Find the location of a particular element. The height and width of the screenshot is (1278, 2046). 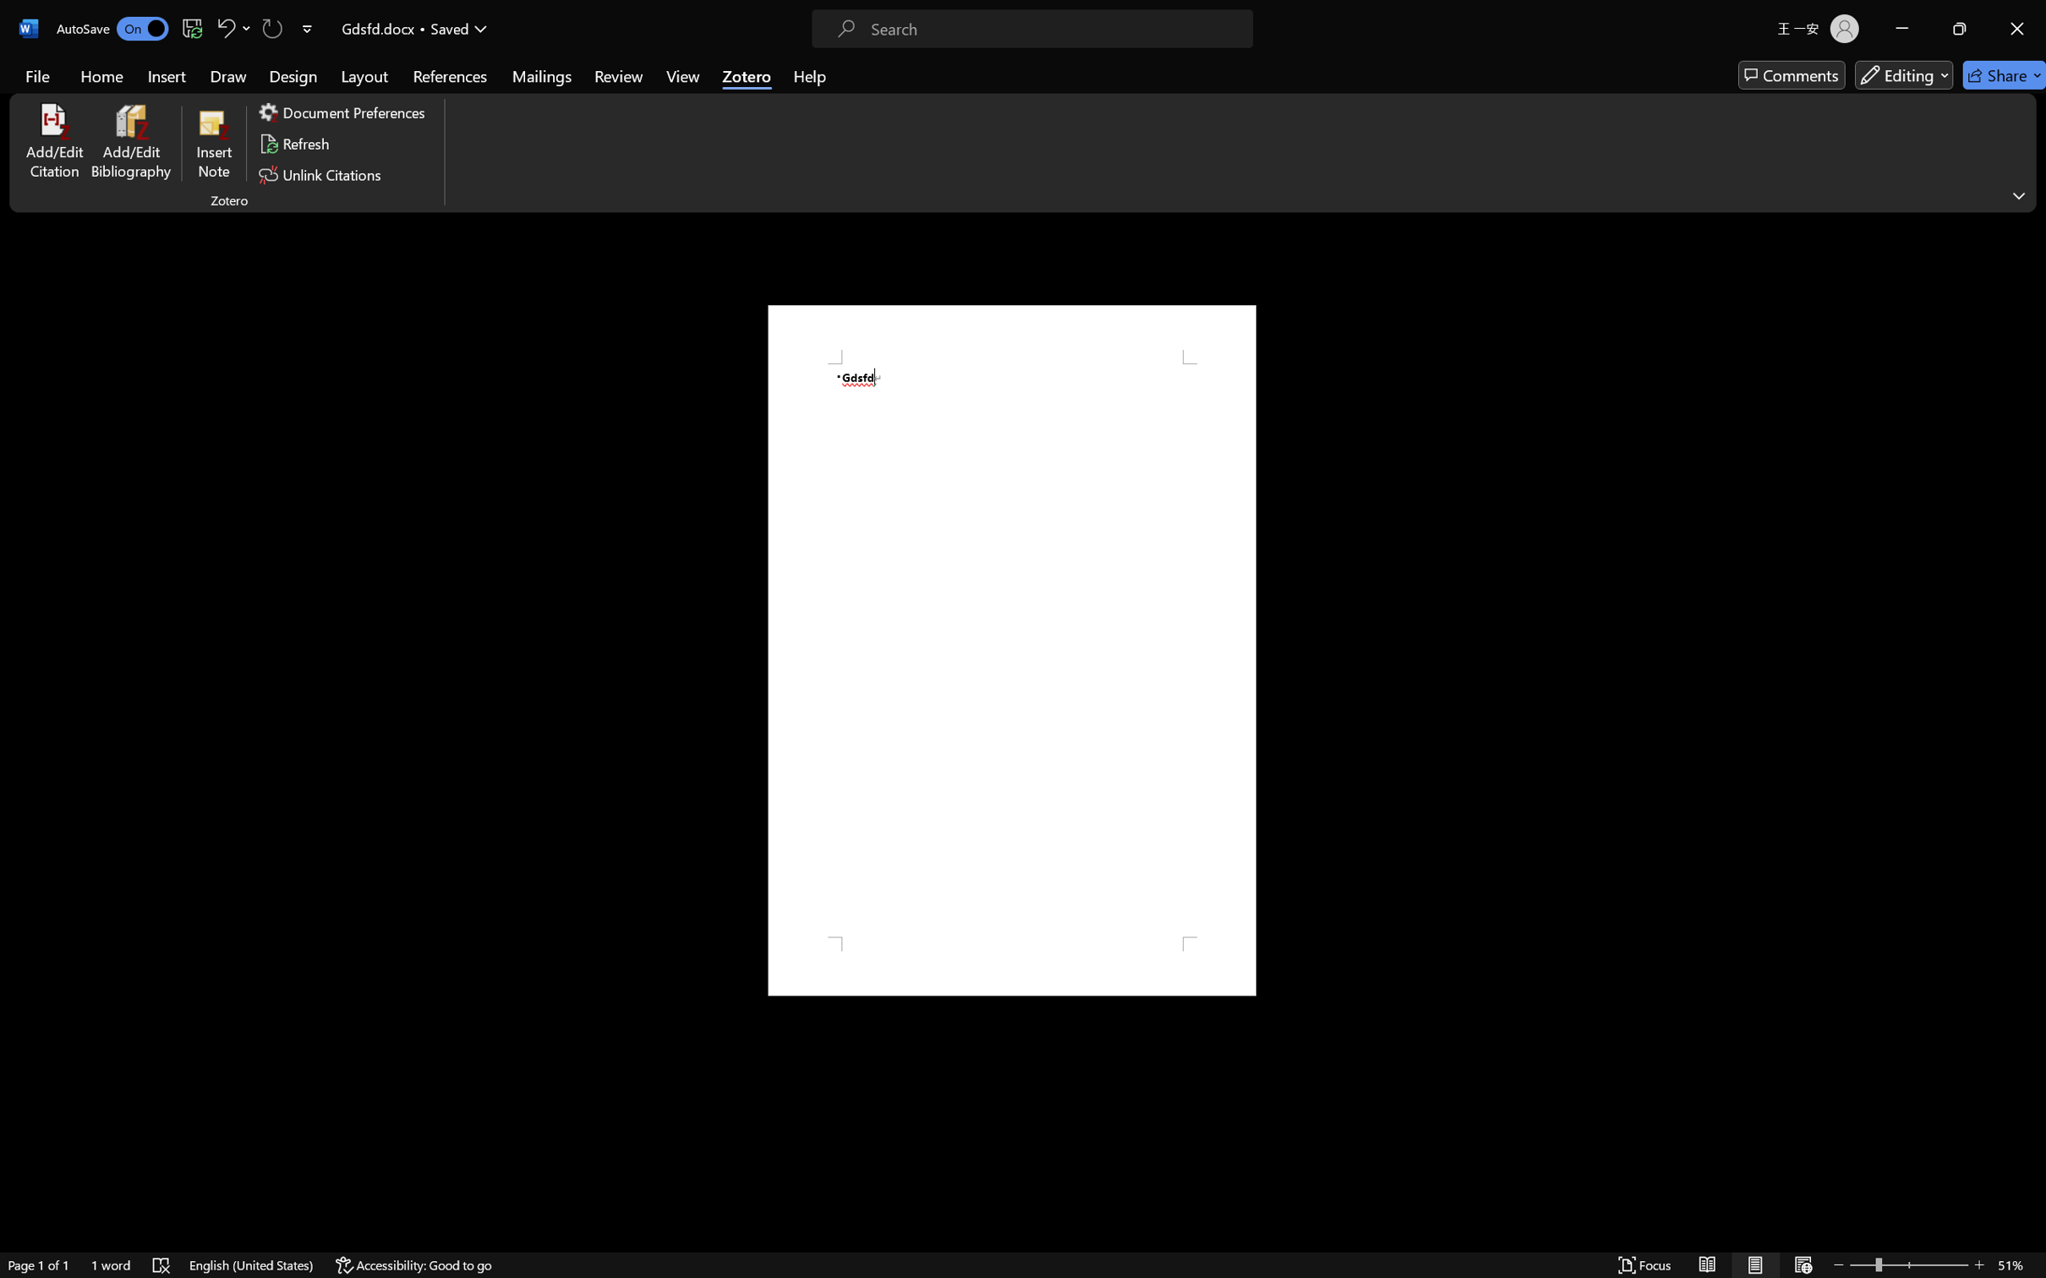

'Page 1 content' is located at coordinates (1011, 650).